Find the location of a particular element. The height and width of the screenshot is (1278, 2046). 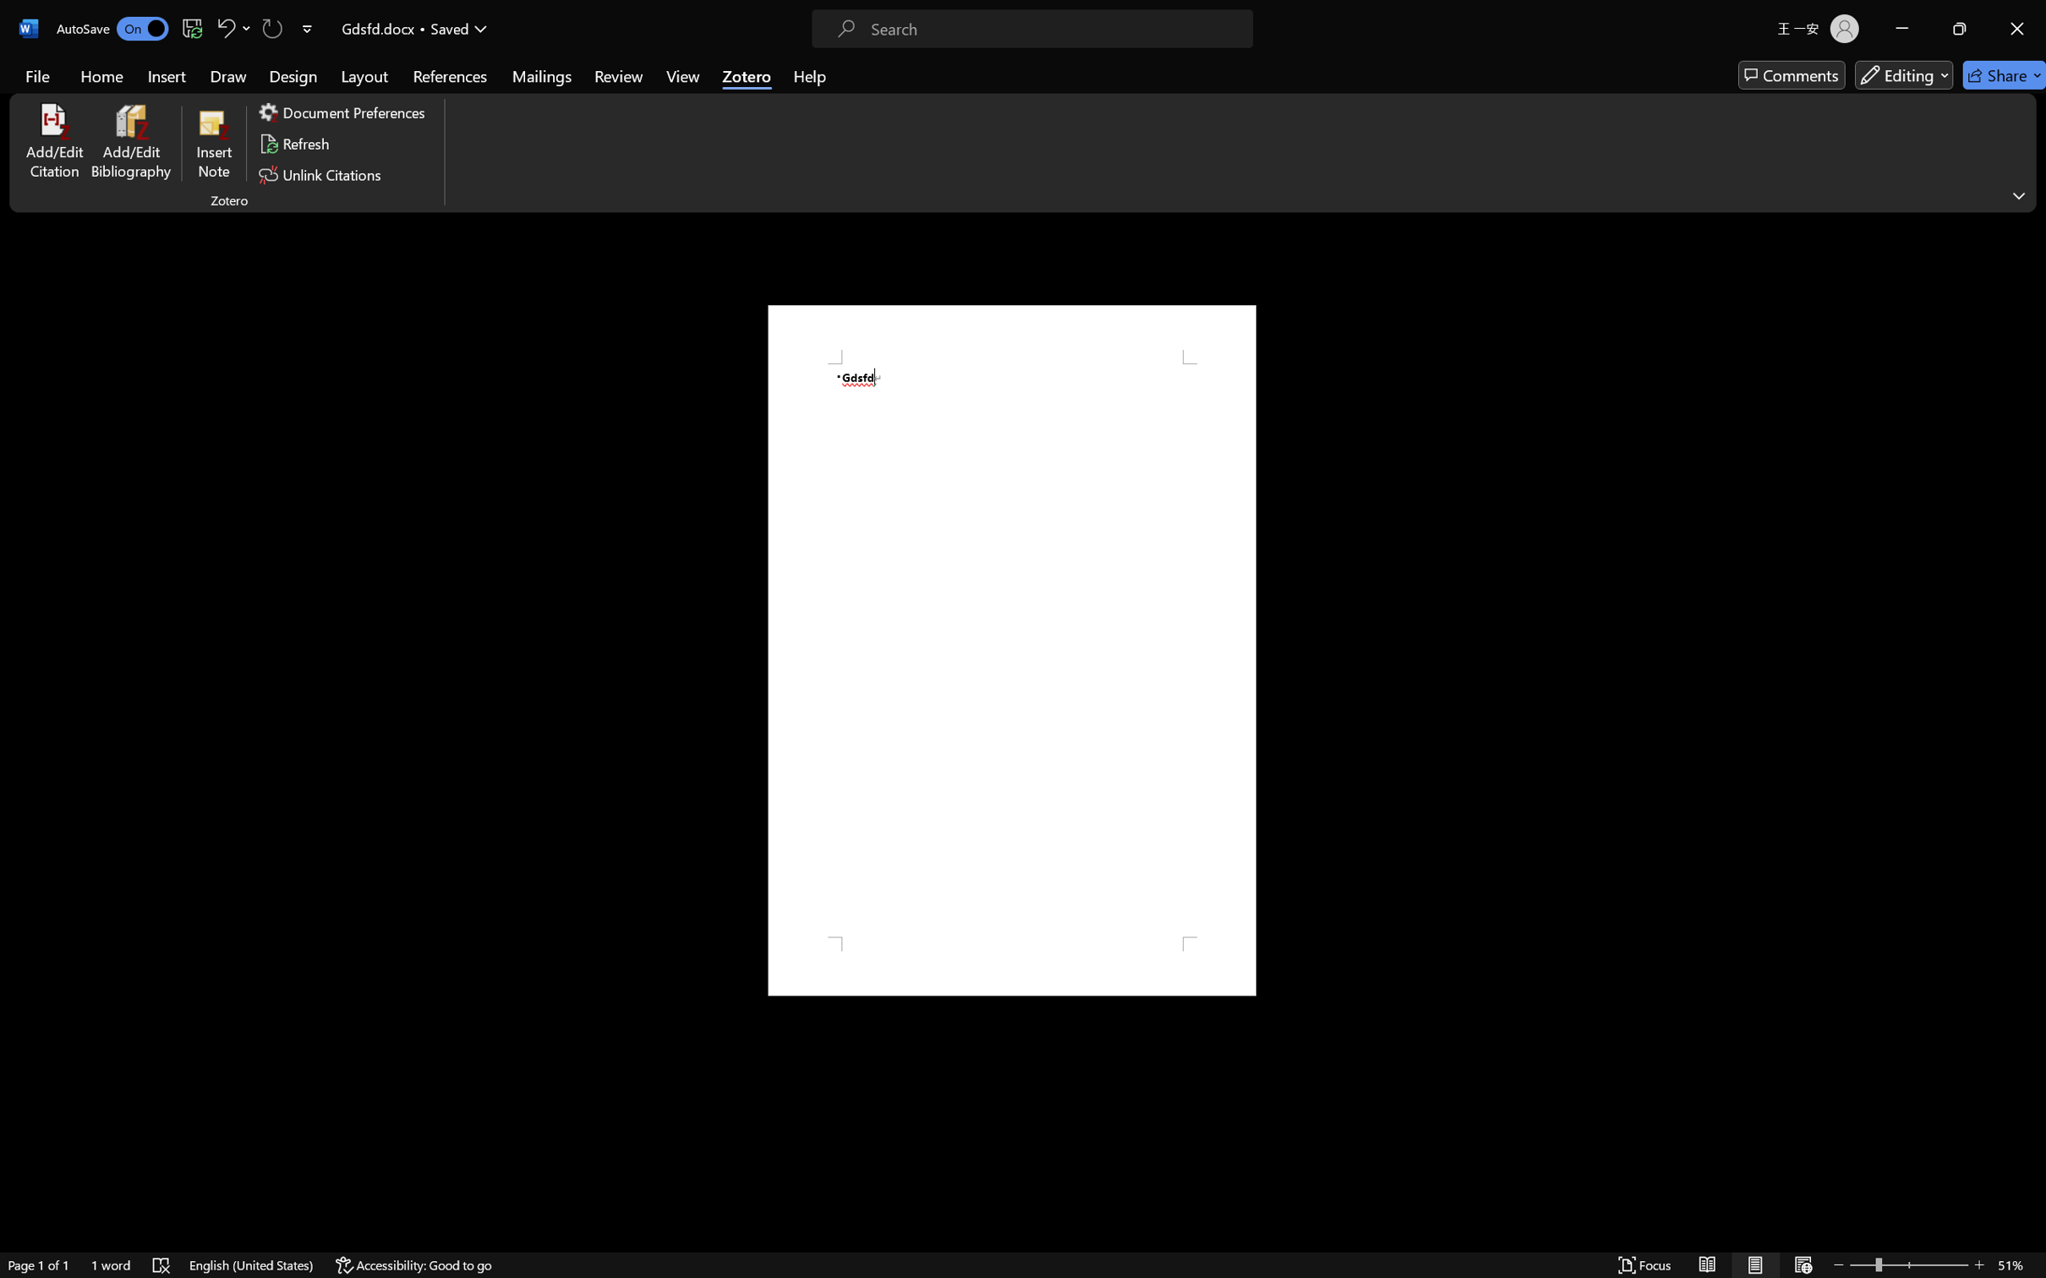

'Page 1 content' is located at coordinates (1011, 650).